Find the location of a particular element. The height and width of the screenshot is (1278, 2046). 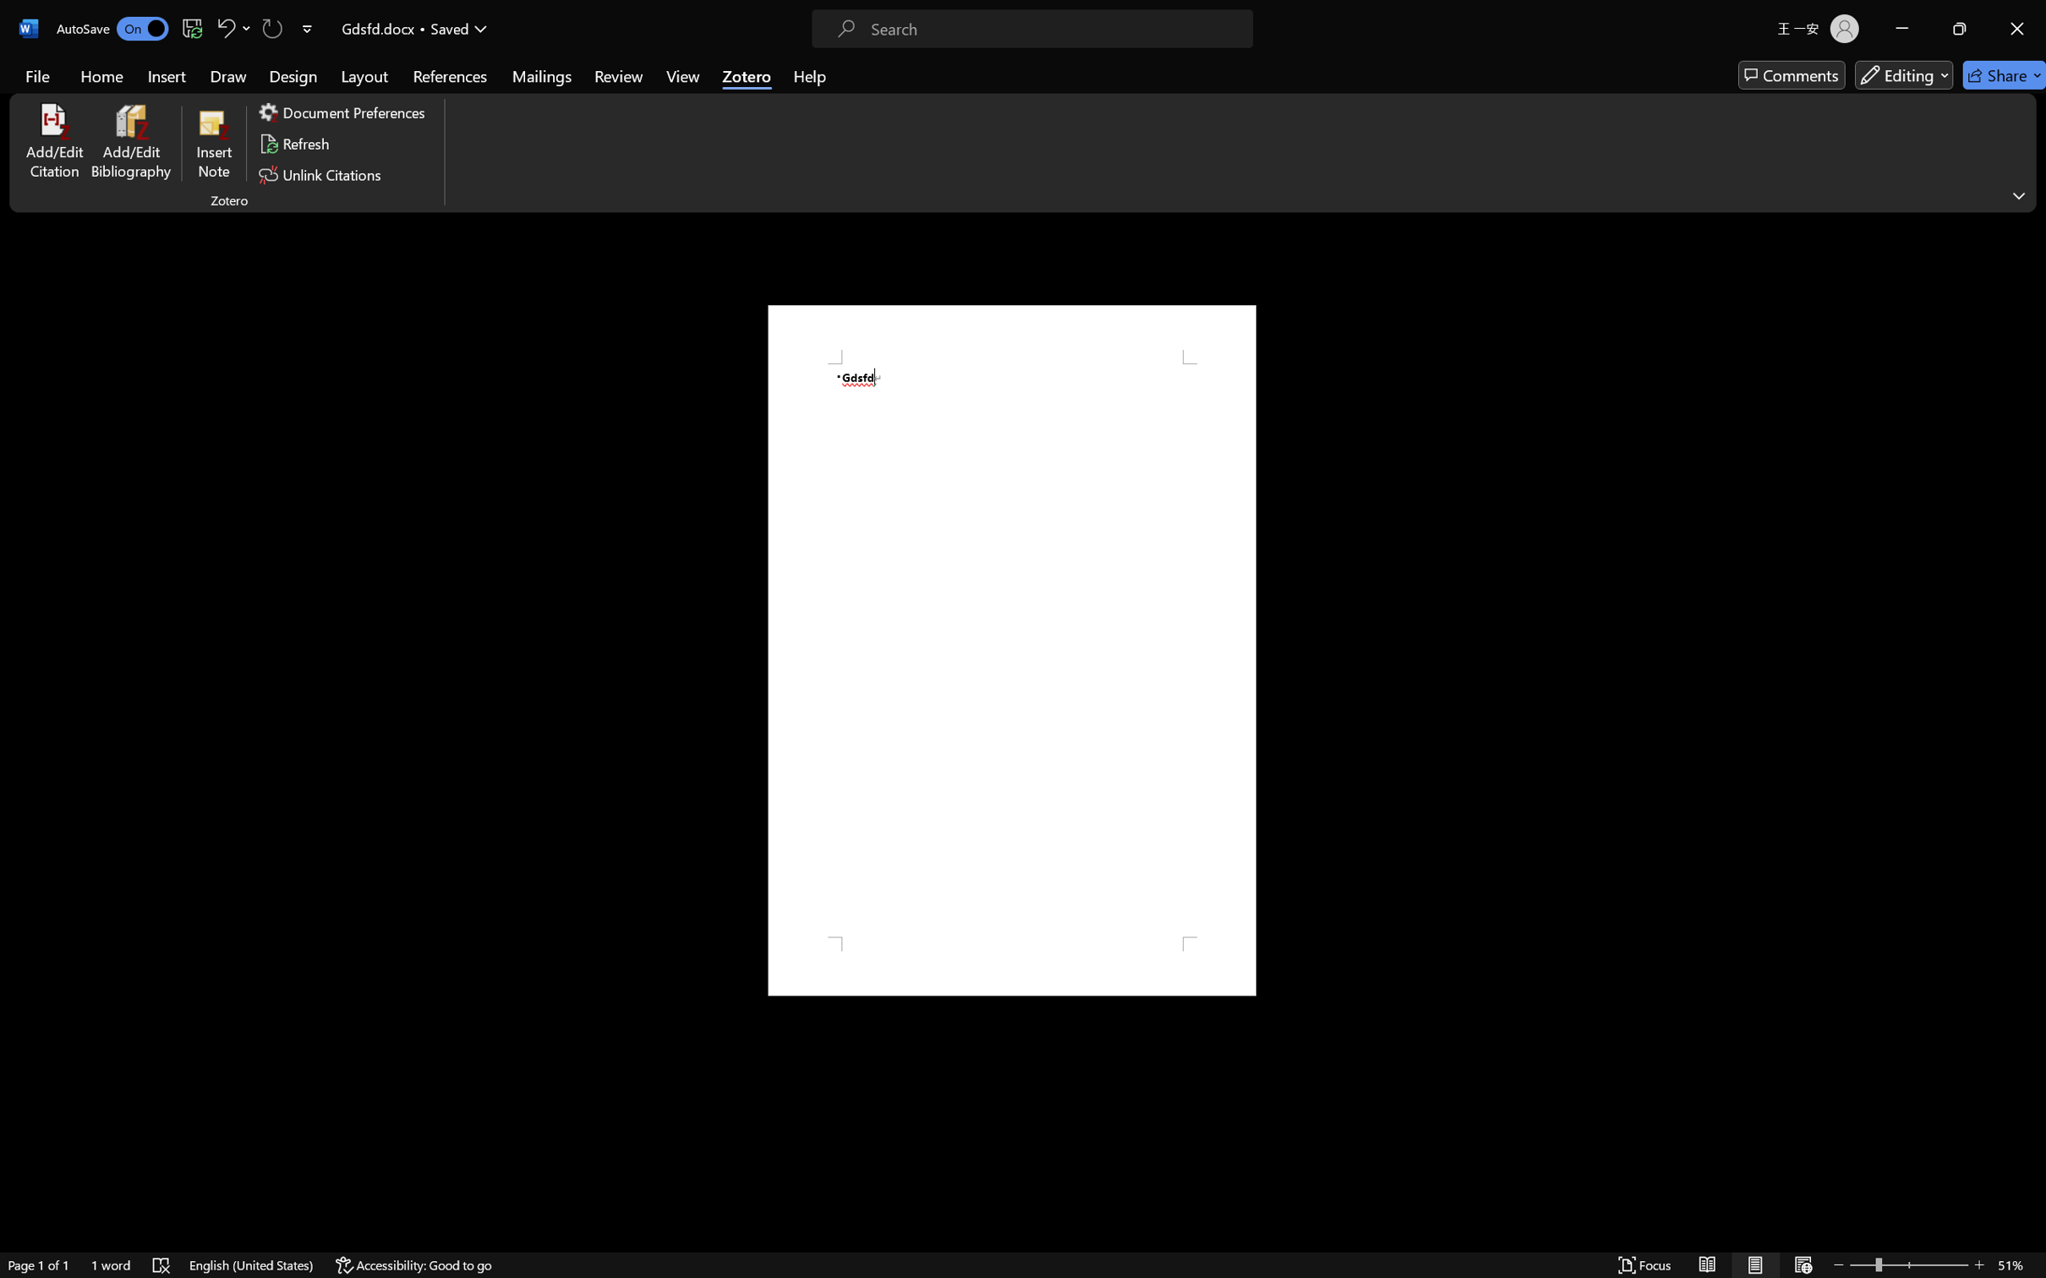

'Page 1 content' is located at coordinates (1011, 650).